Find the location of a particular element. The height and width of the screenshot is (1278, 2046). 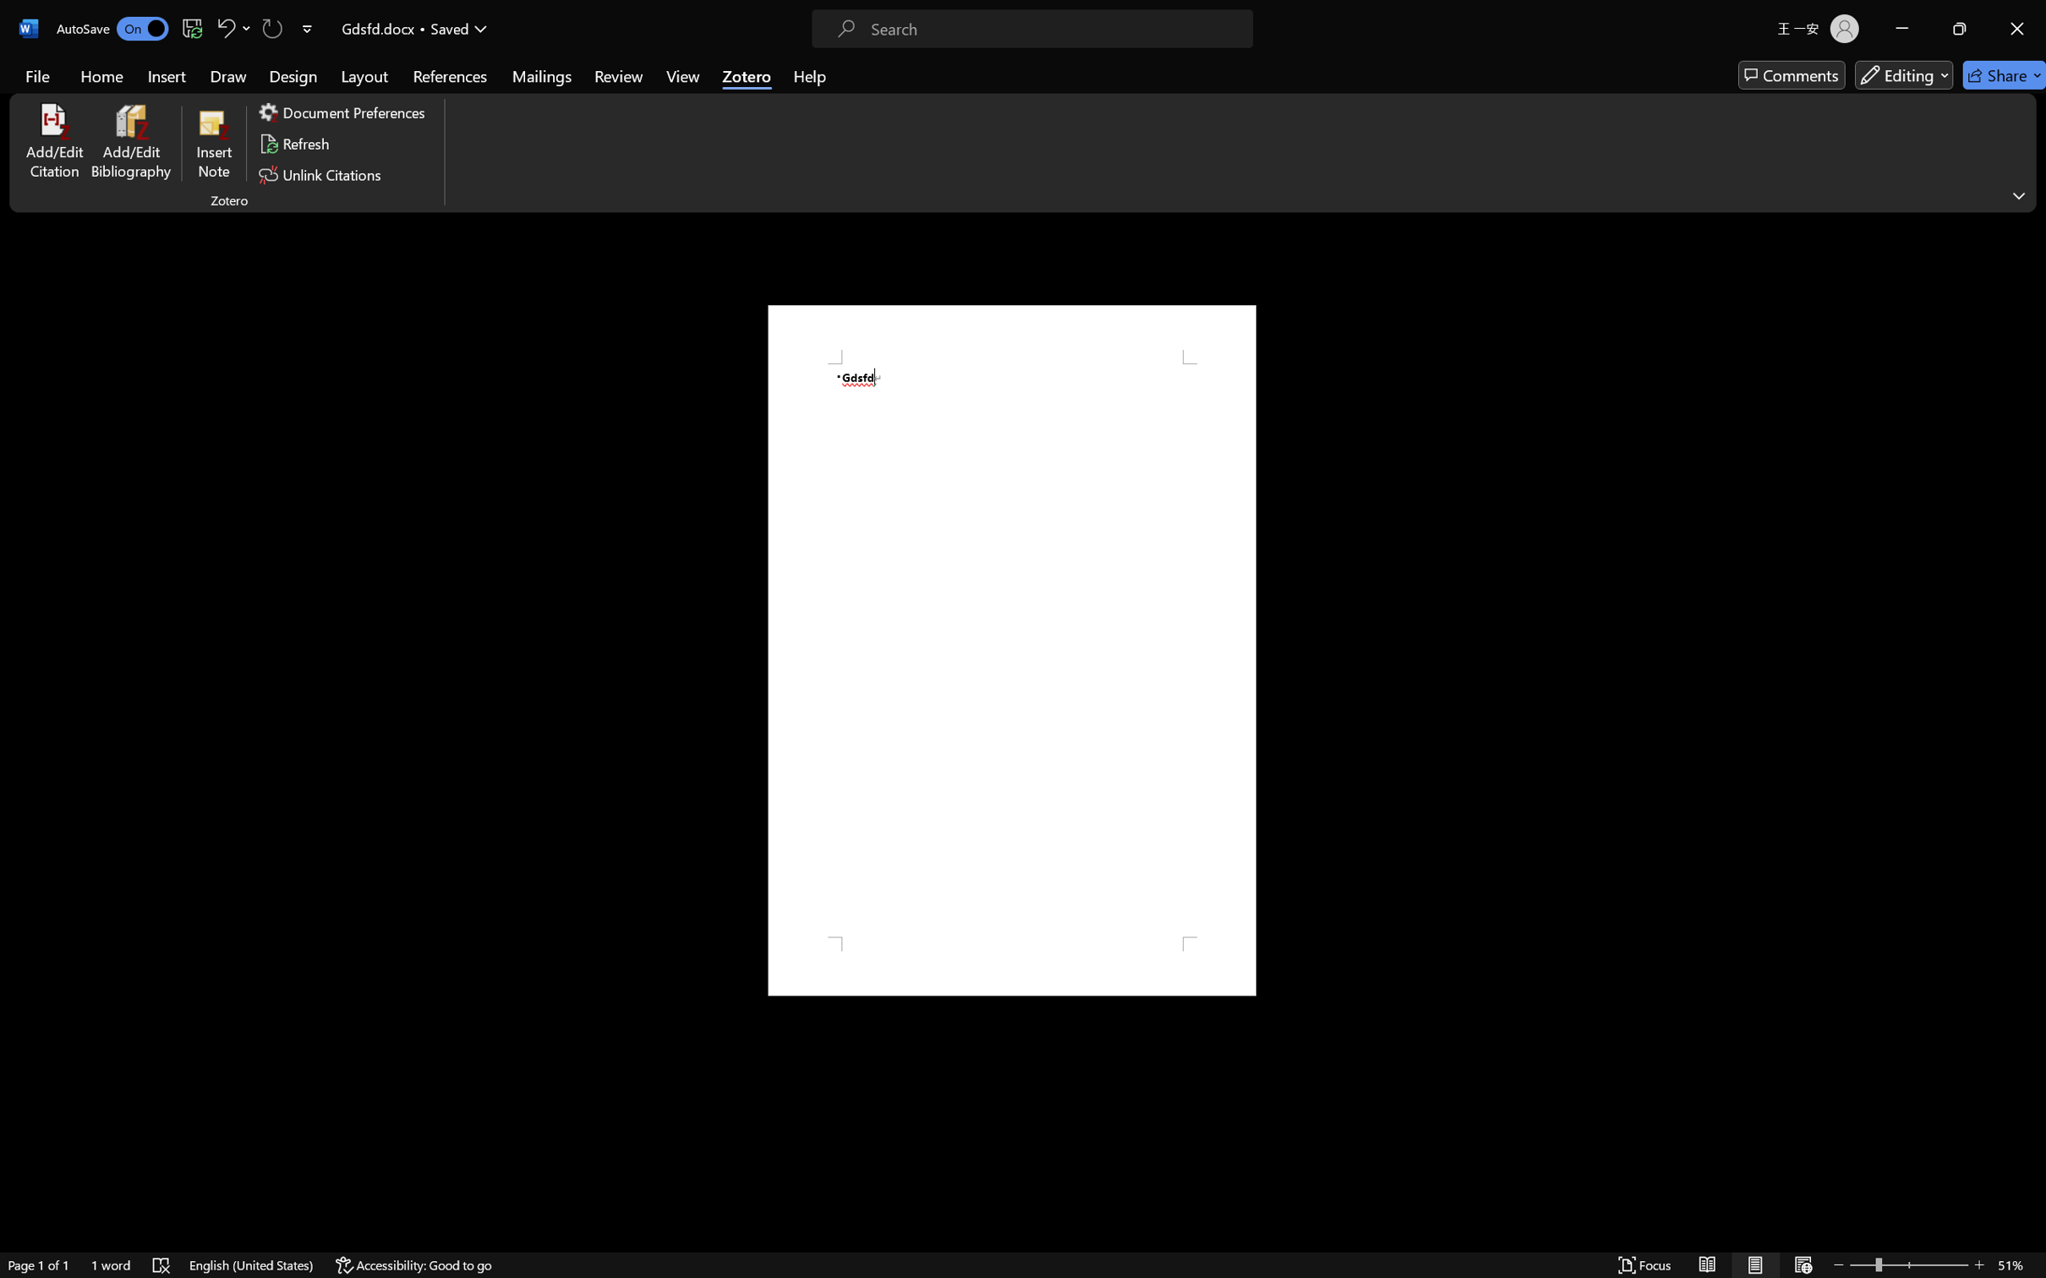

'Page 1 content' is located at coordinates (1011, 650).